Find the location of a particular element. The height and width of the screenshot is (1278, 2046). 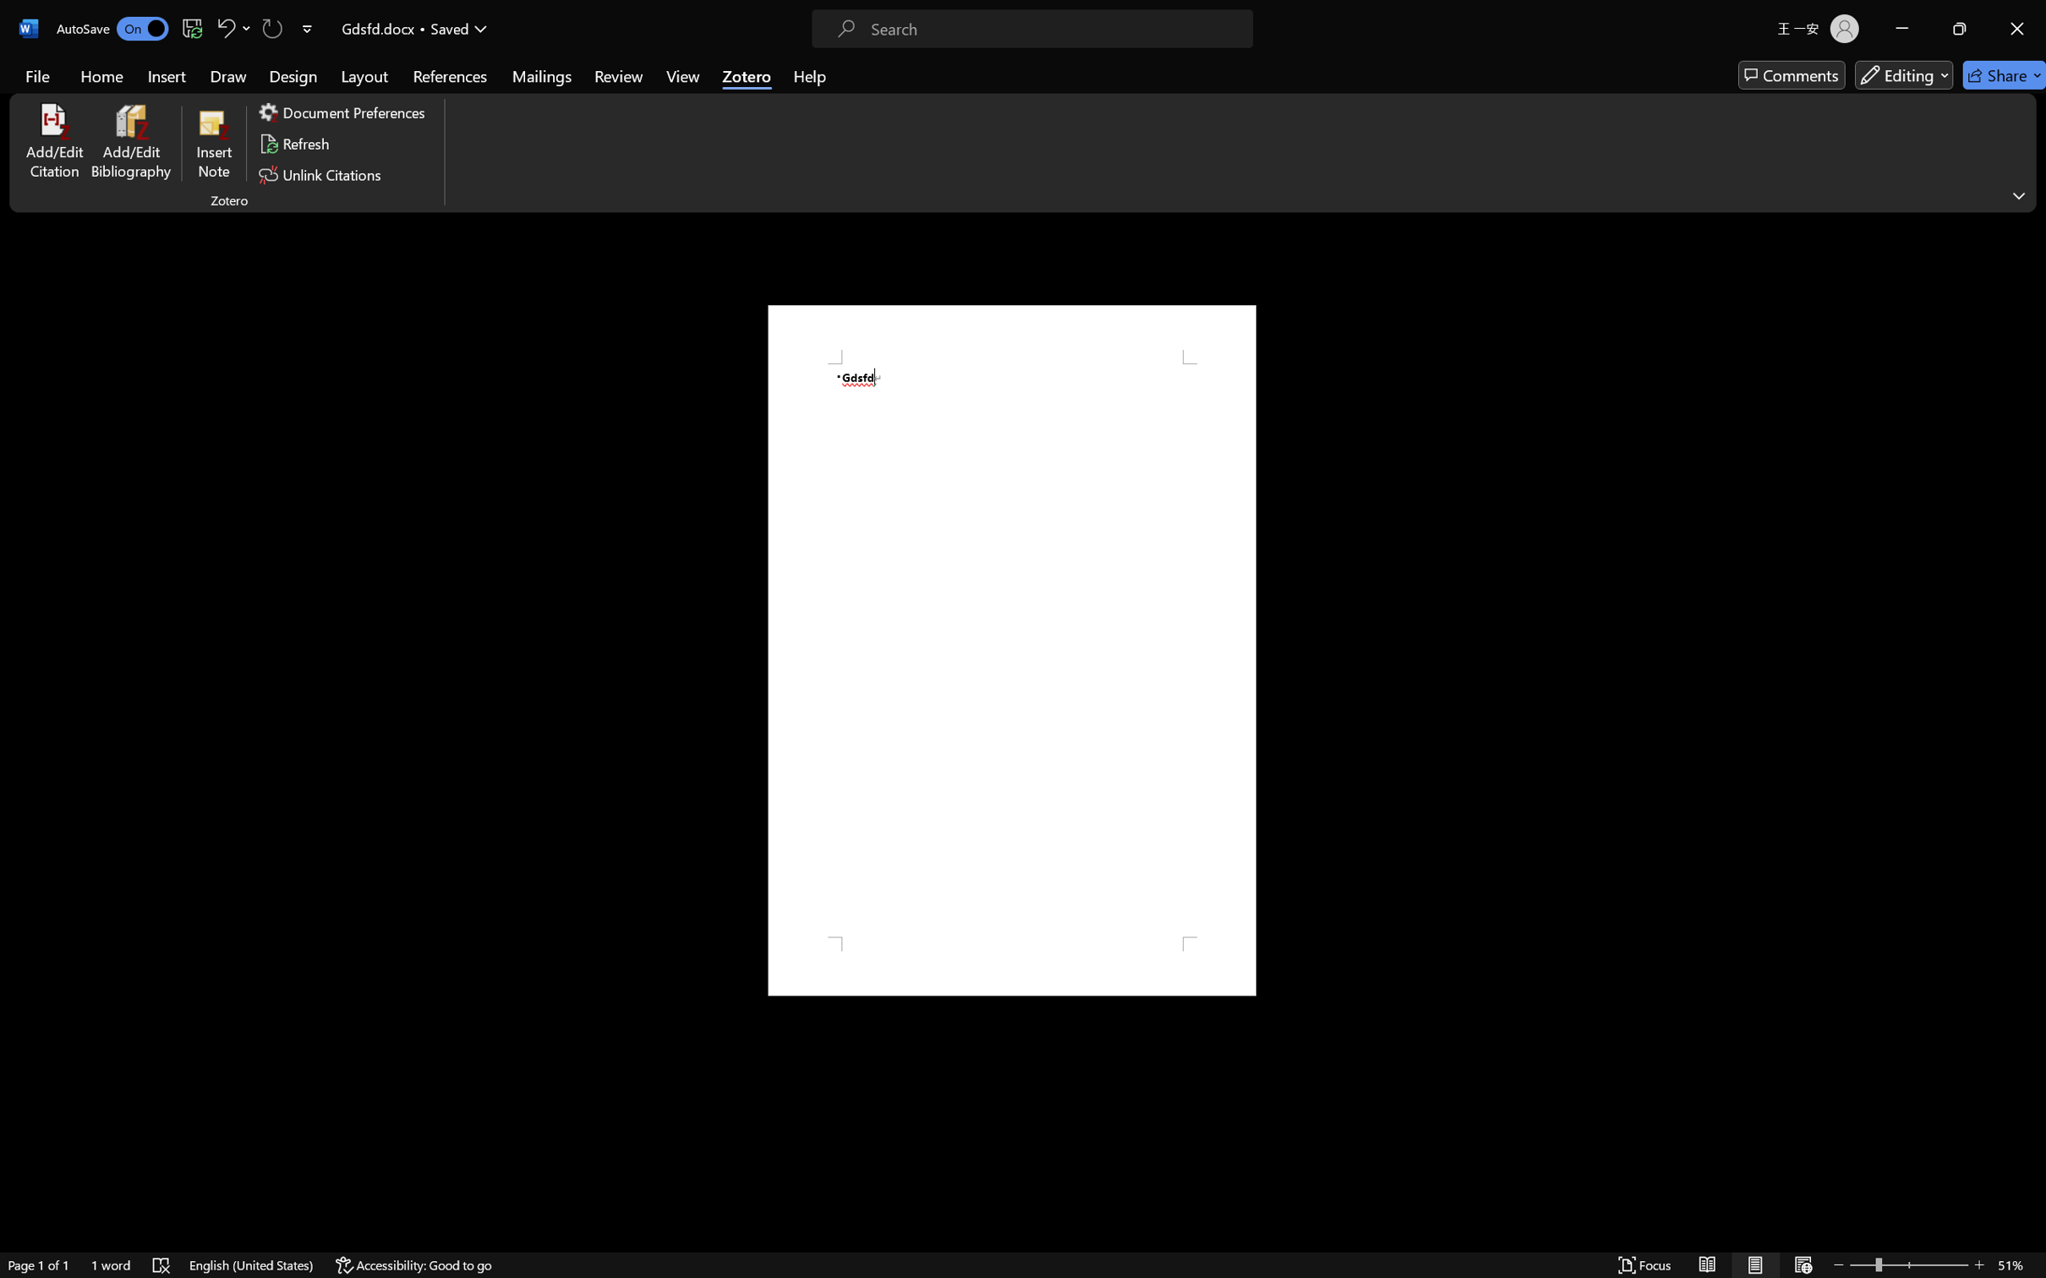

'Page 1 content' is located at coordinates (1011, 650).